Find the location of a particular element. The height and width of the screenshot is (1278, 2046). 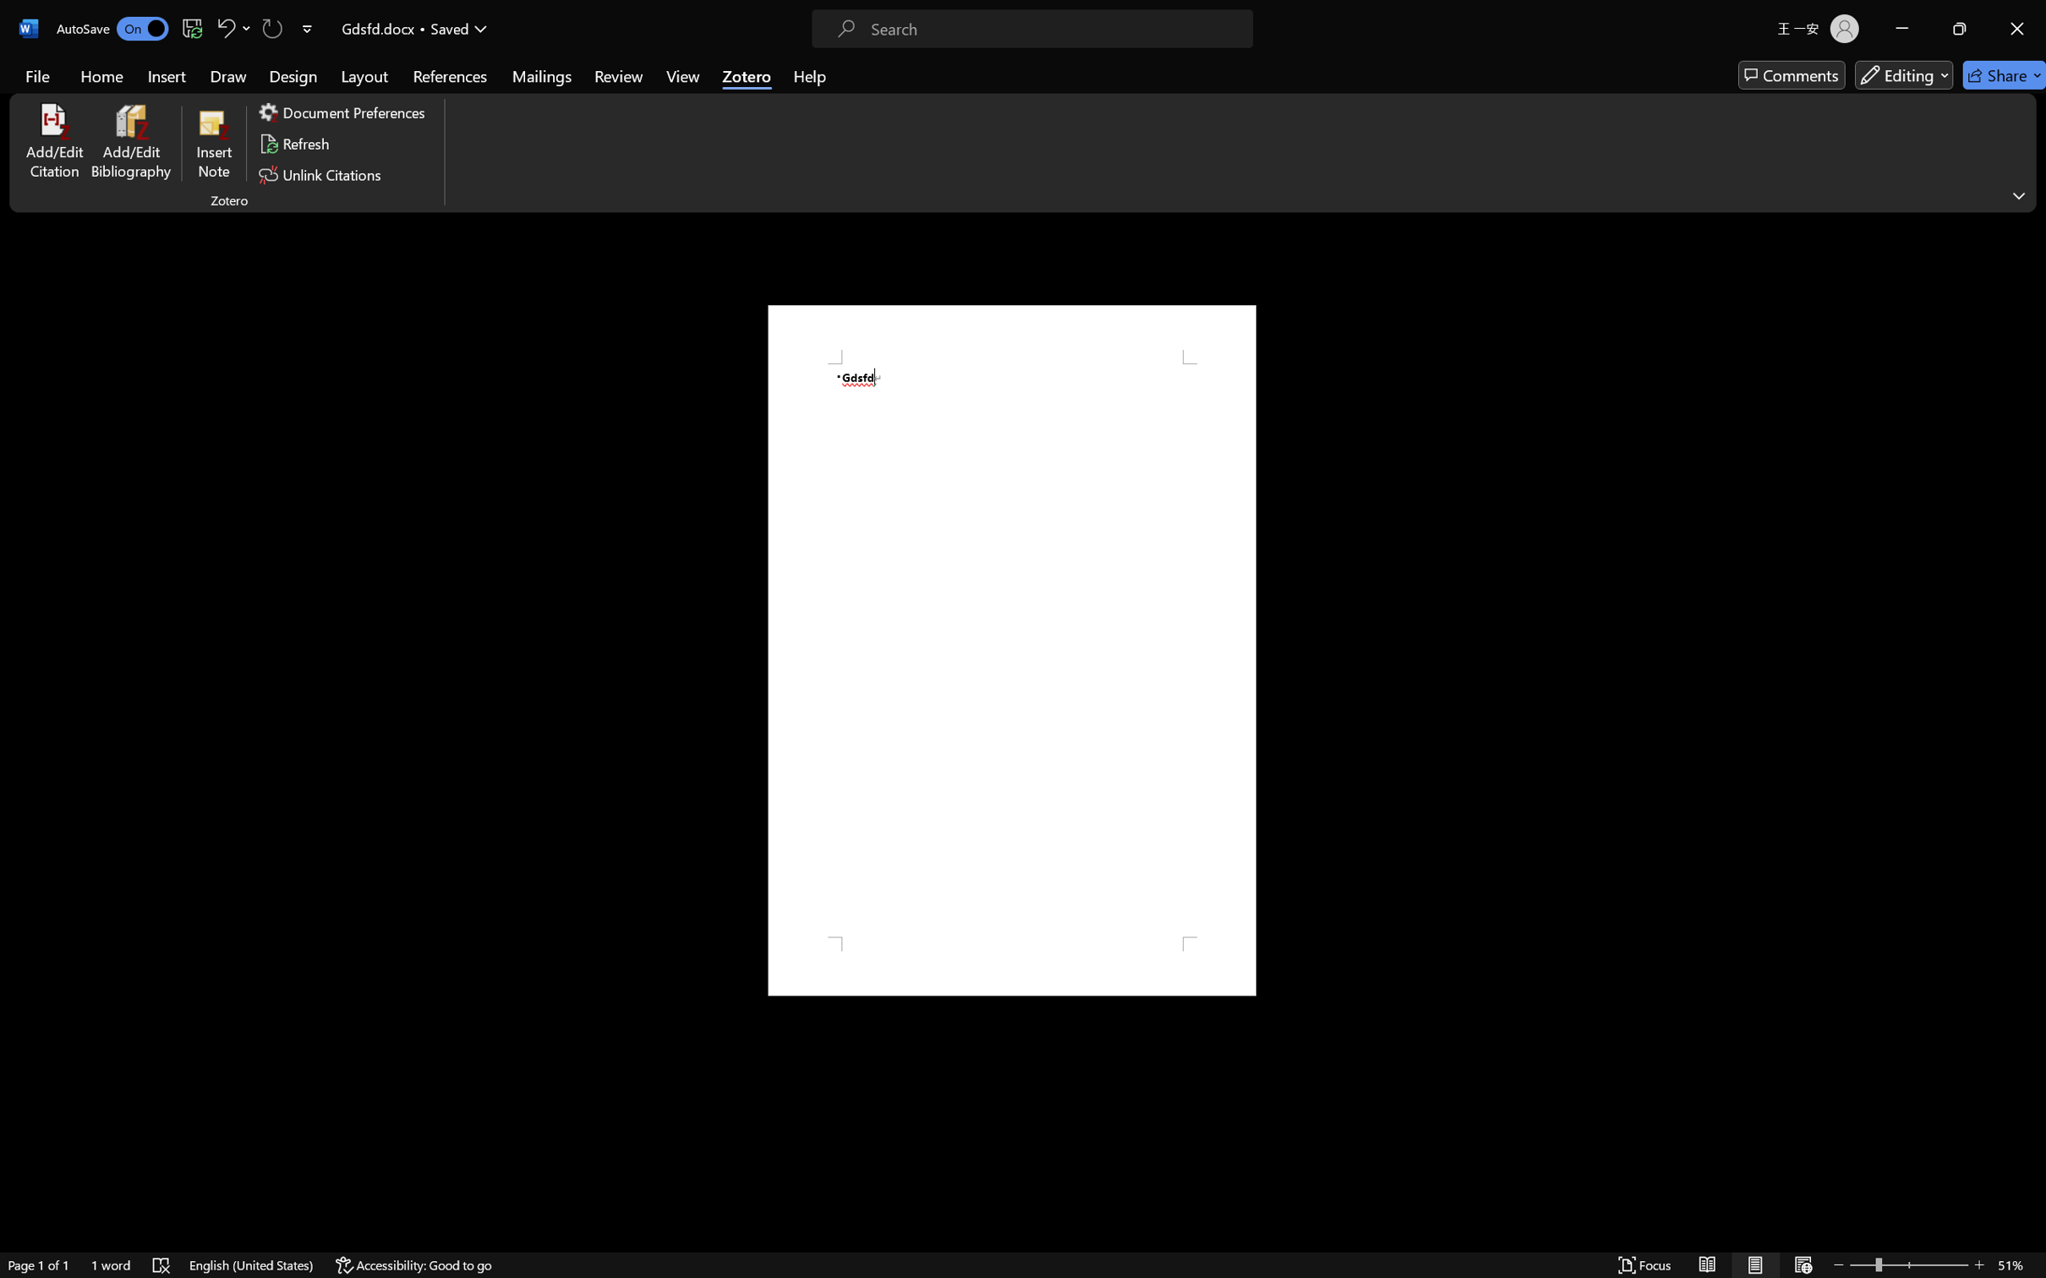

'Page 1 content' is located at coordinates (1011, 650).